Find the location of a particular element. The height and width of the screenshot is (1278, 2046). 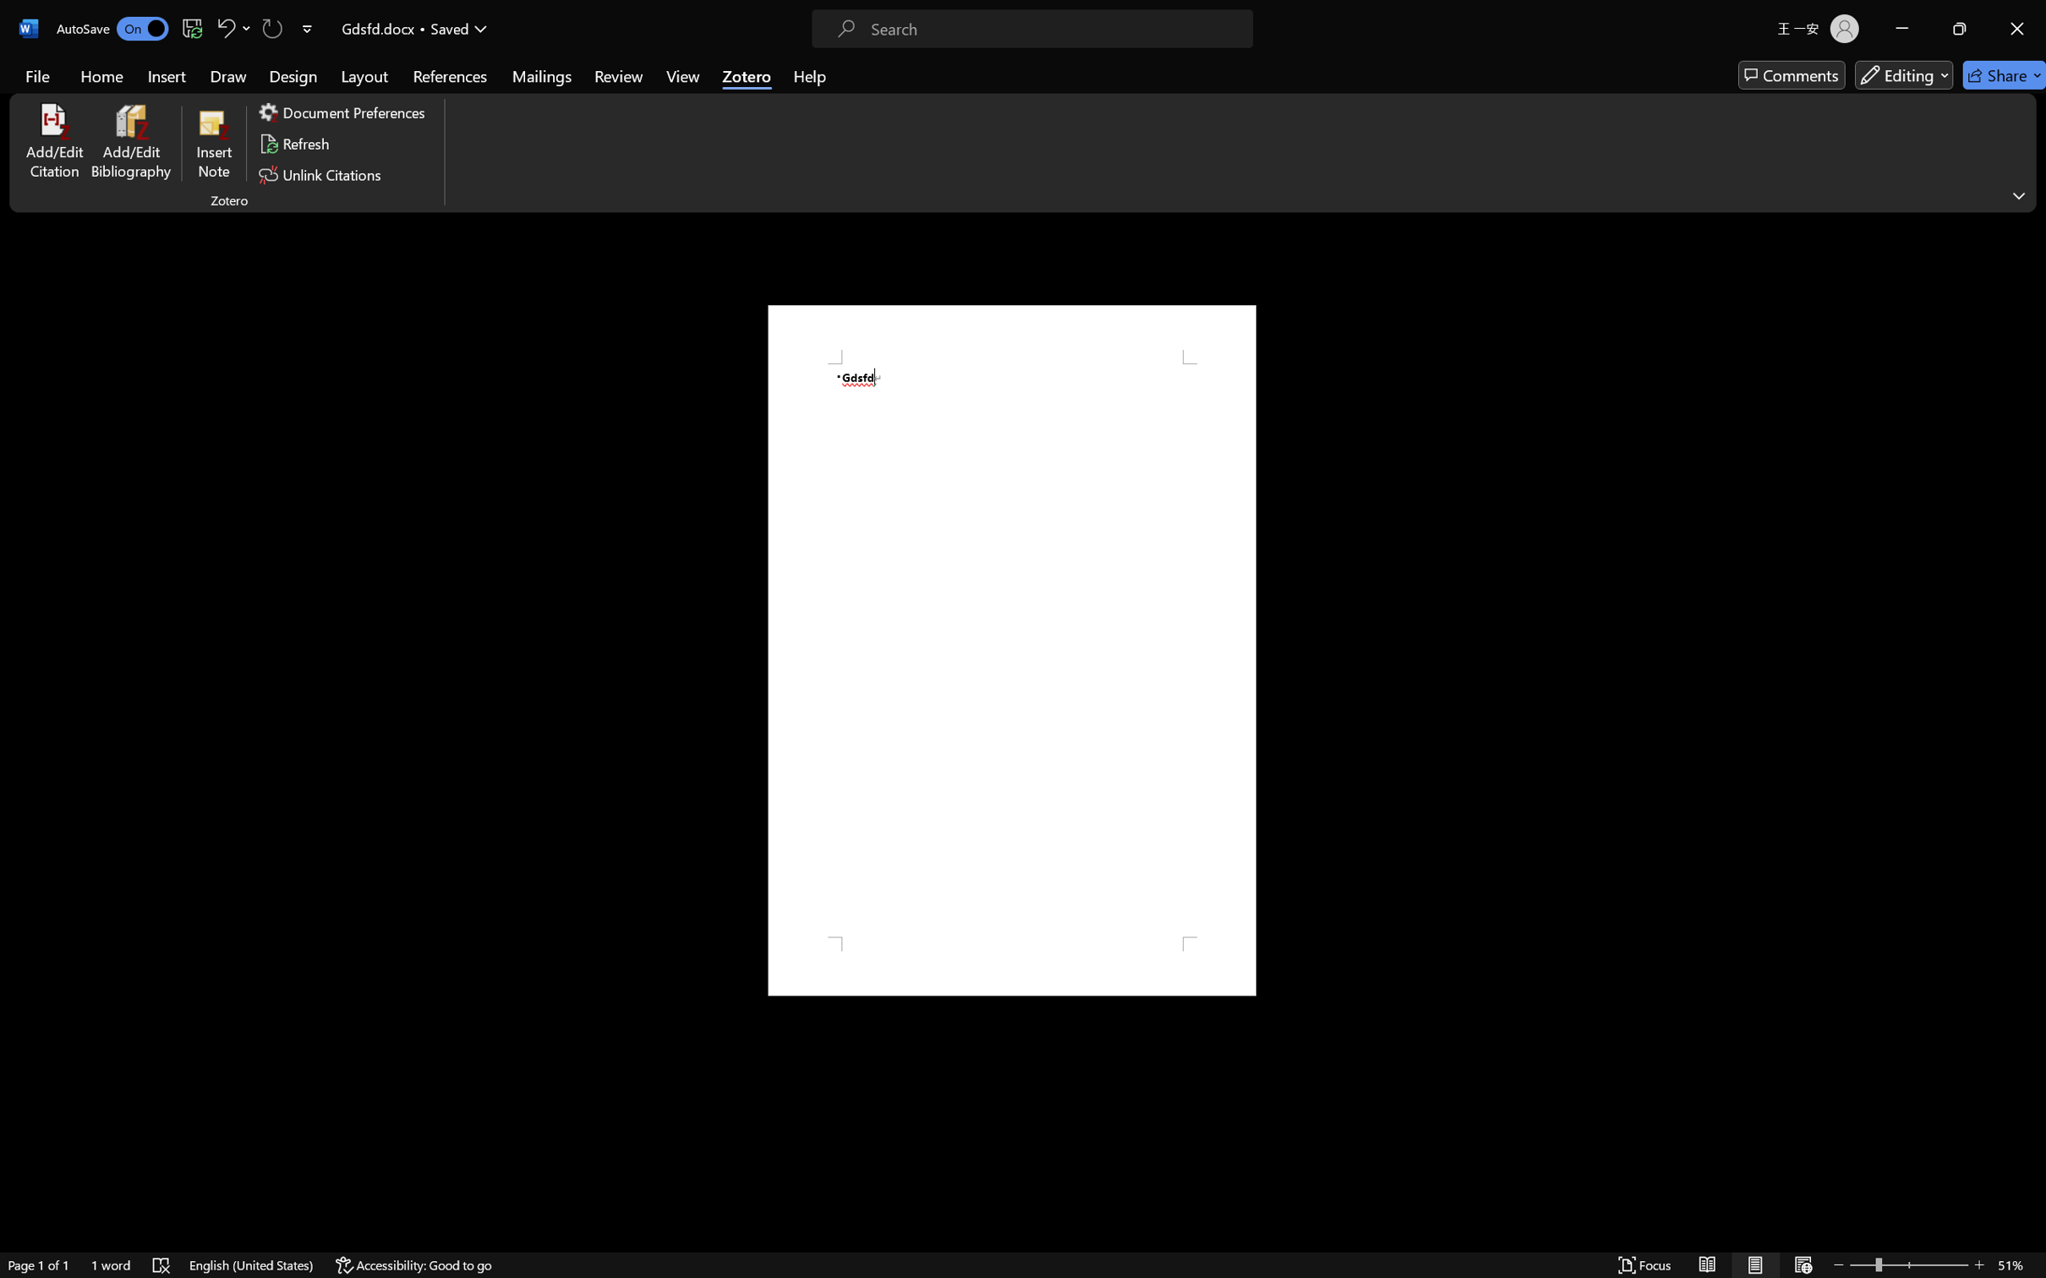

'Page 1 content' is located at coordinates (1011, 650).